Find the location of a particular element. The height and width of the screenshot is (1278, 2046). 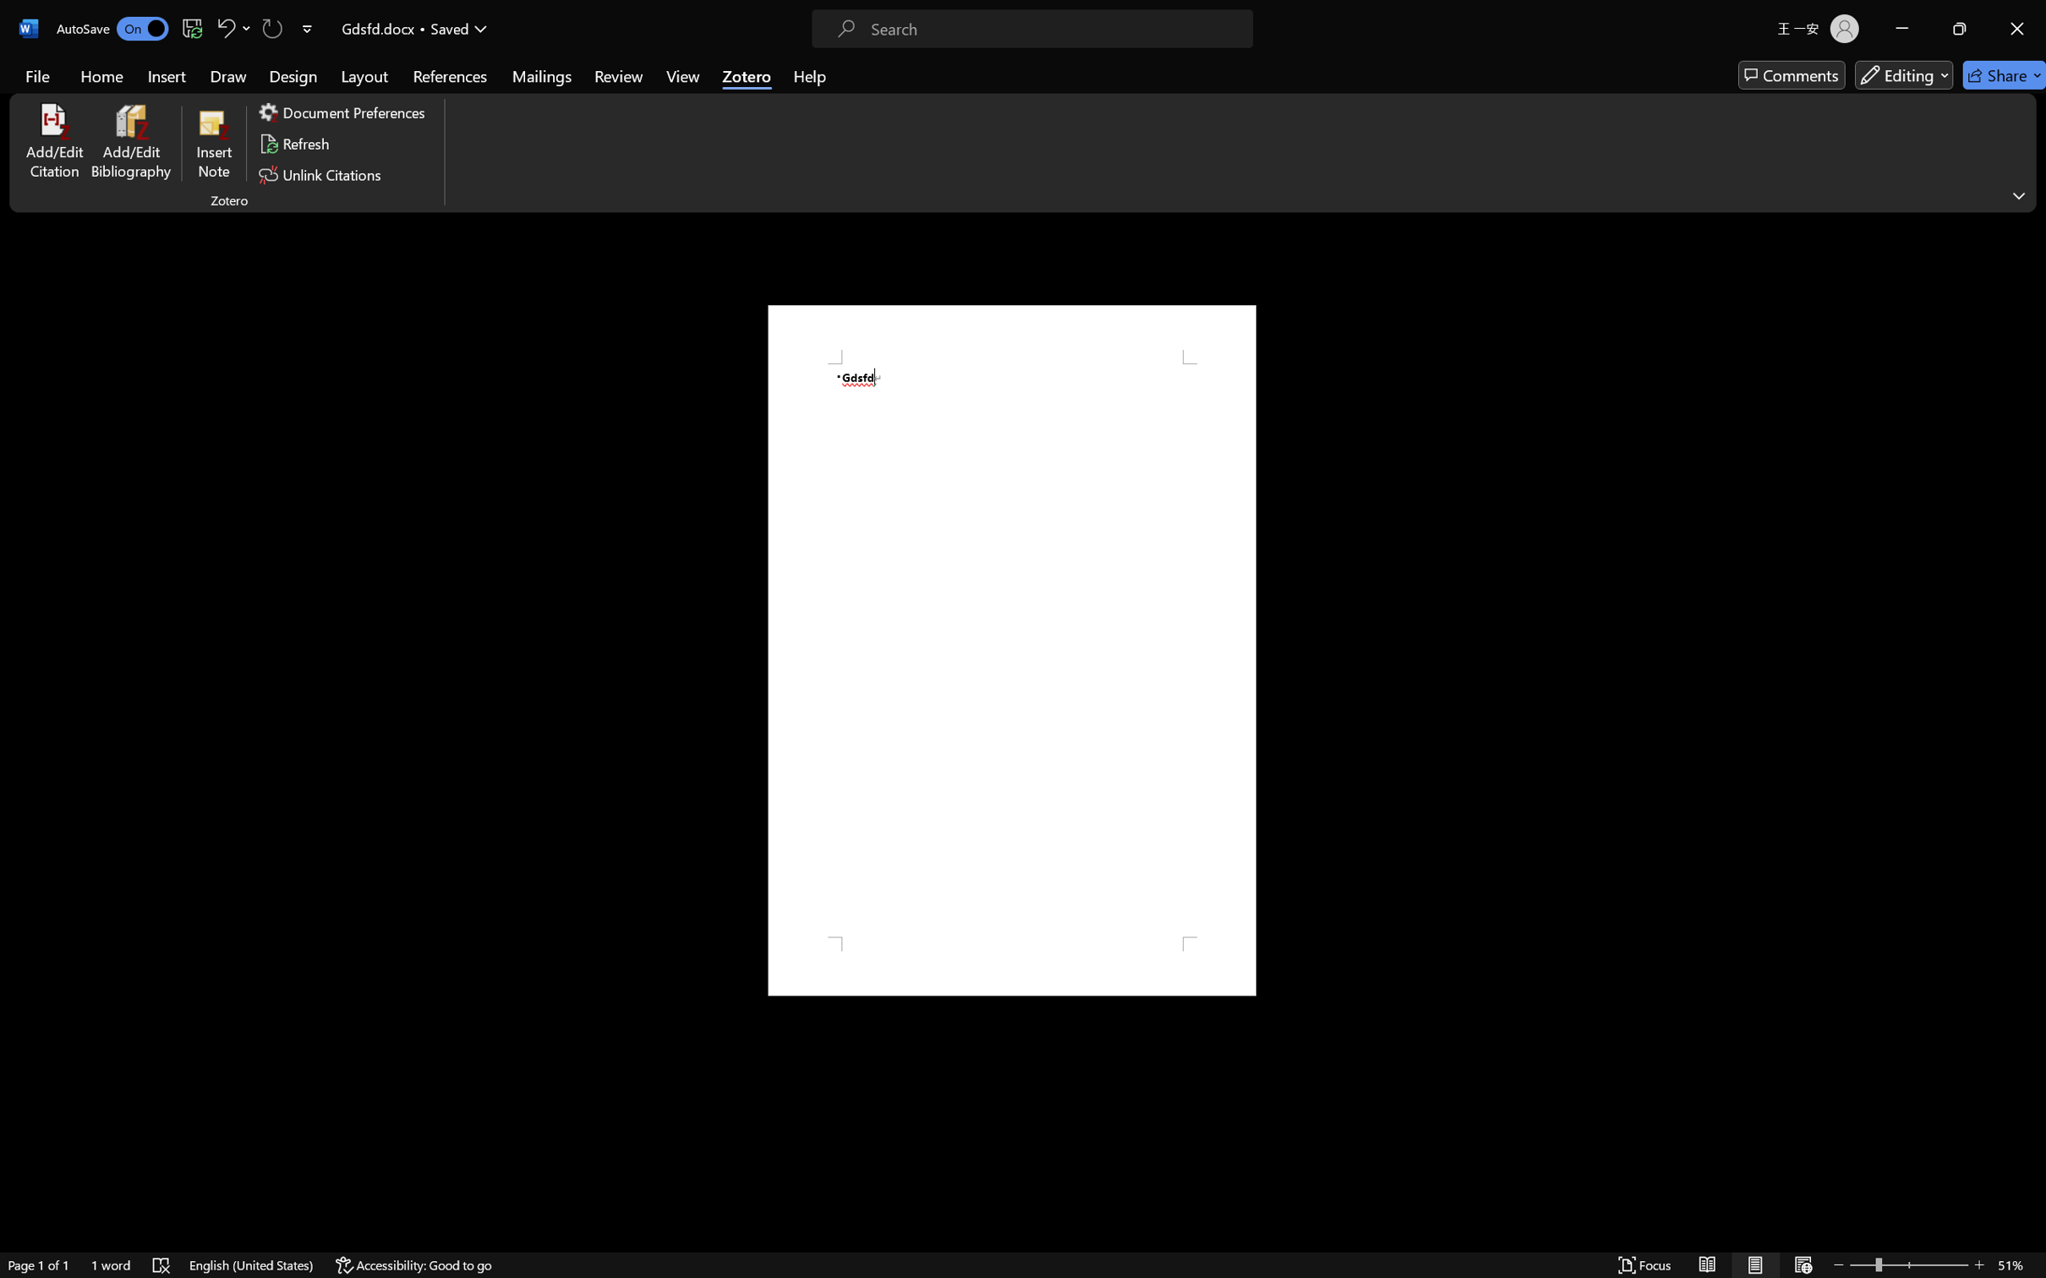

'Page 1 content' is located at coordinates (1011, 650).